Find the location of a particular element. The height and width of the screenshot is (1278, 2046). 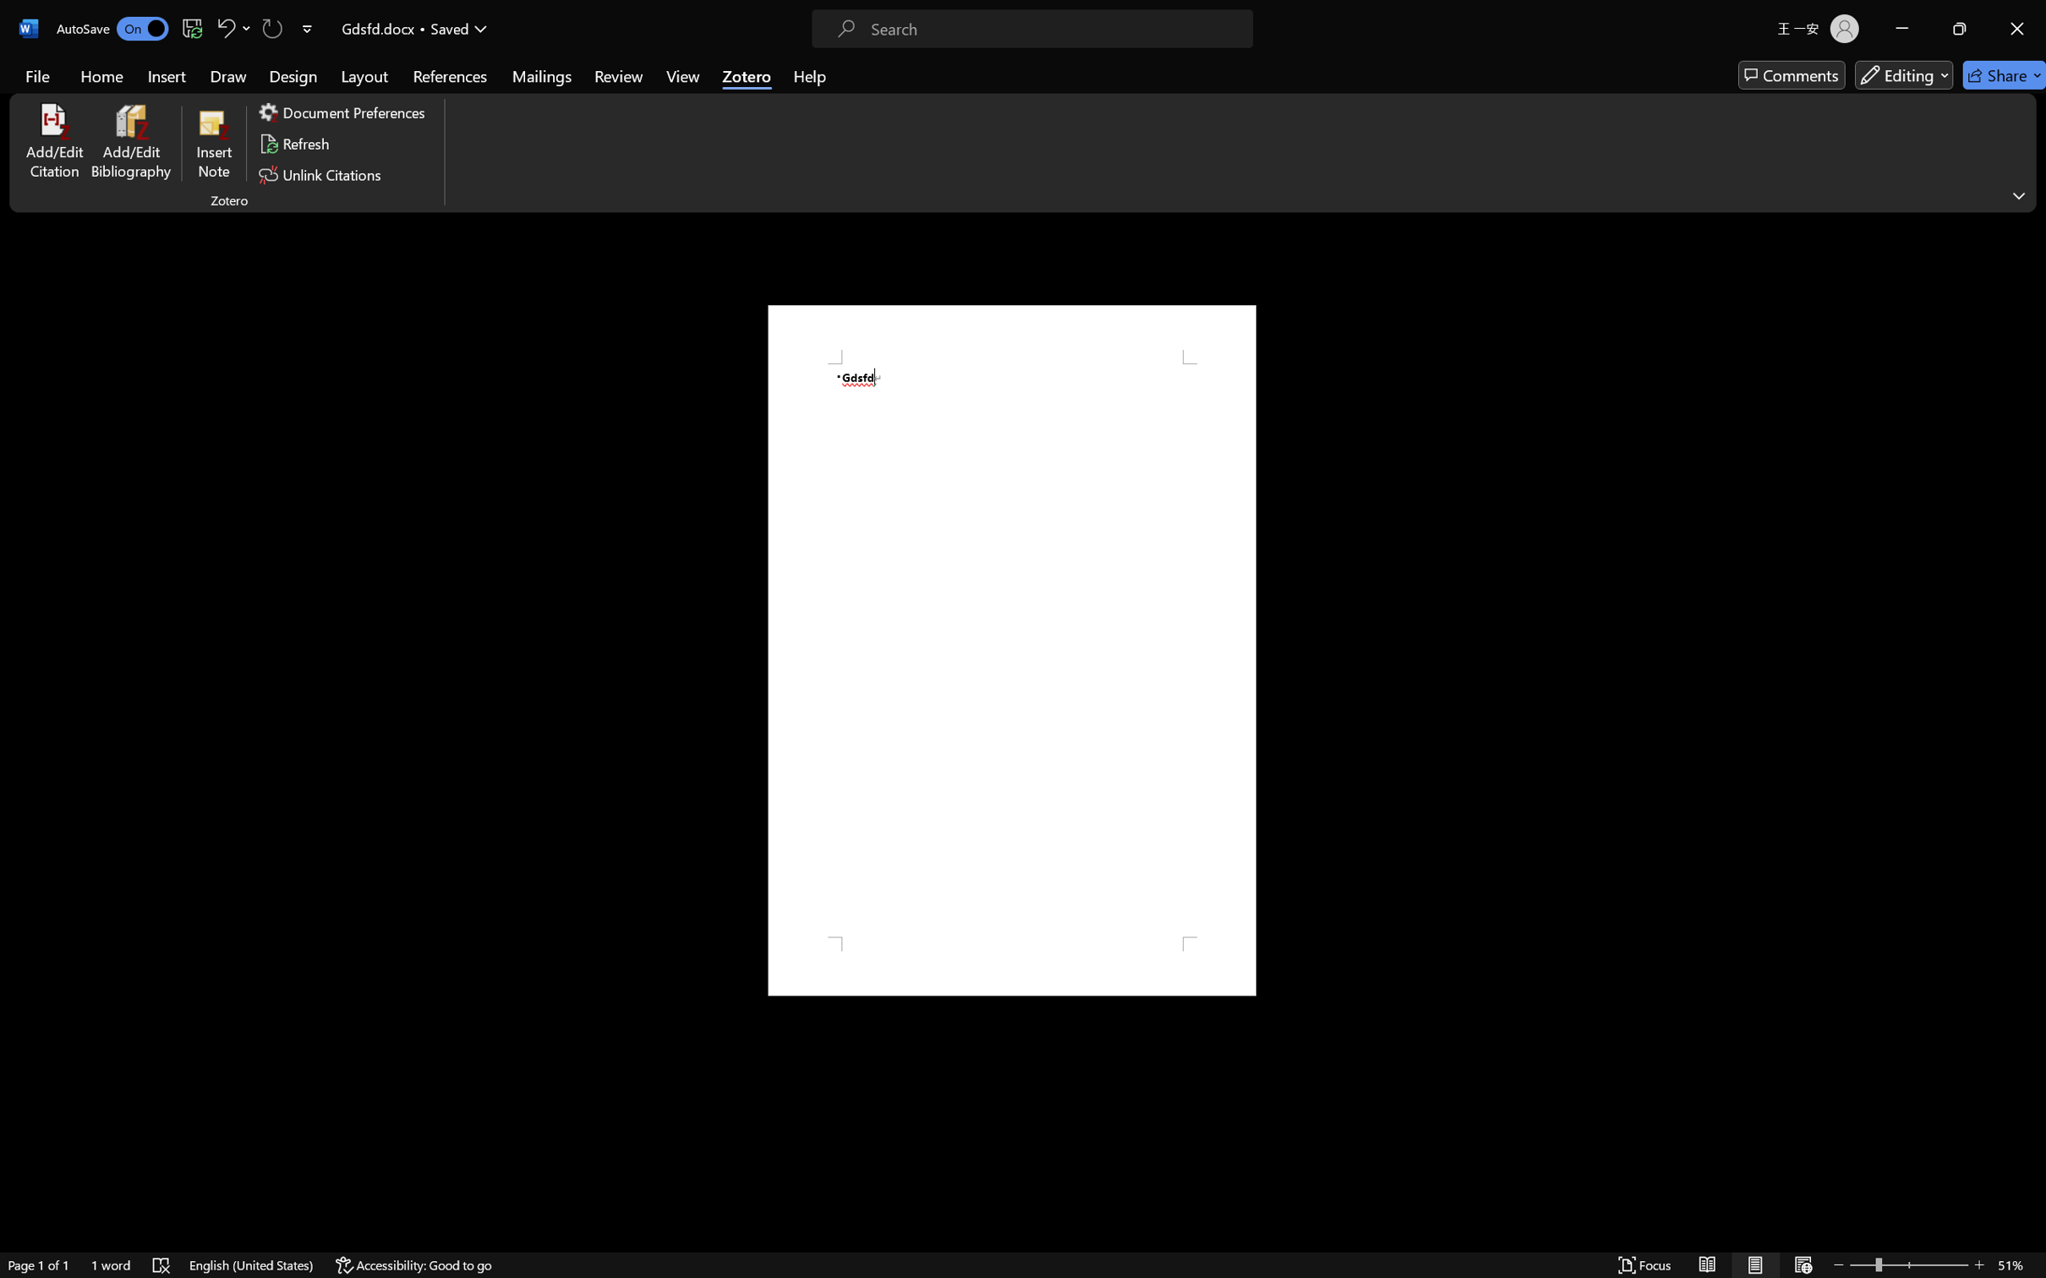

'Page 1 content' is located at coordinates (1011, 650).